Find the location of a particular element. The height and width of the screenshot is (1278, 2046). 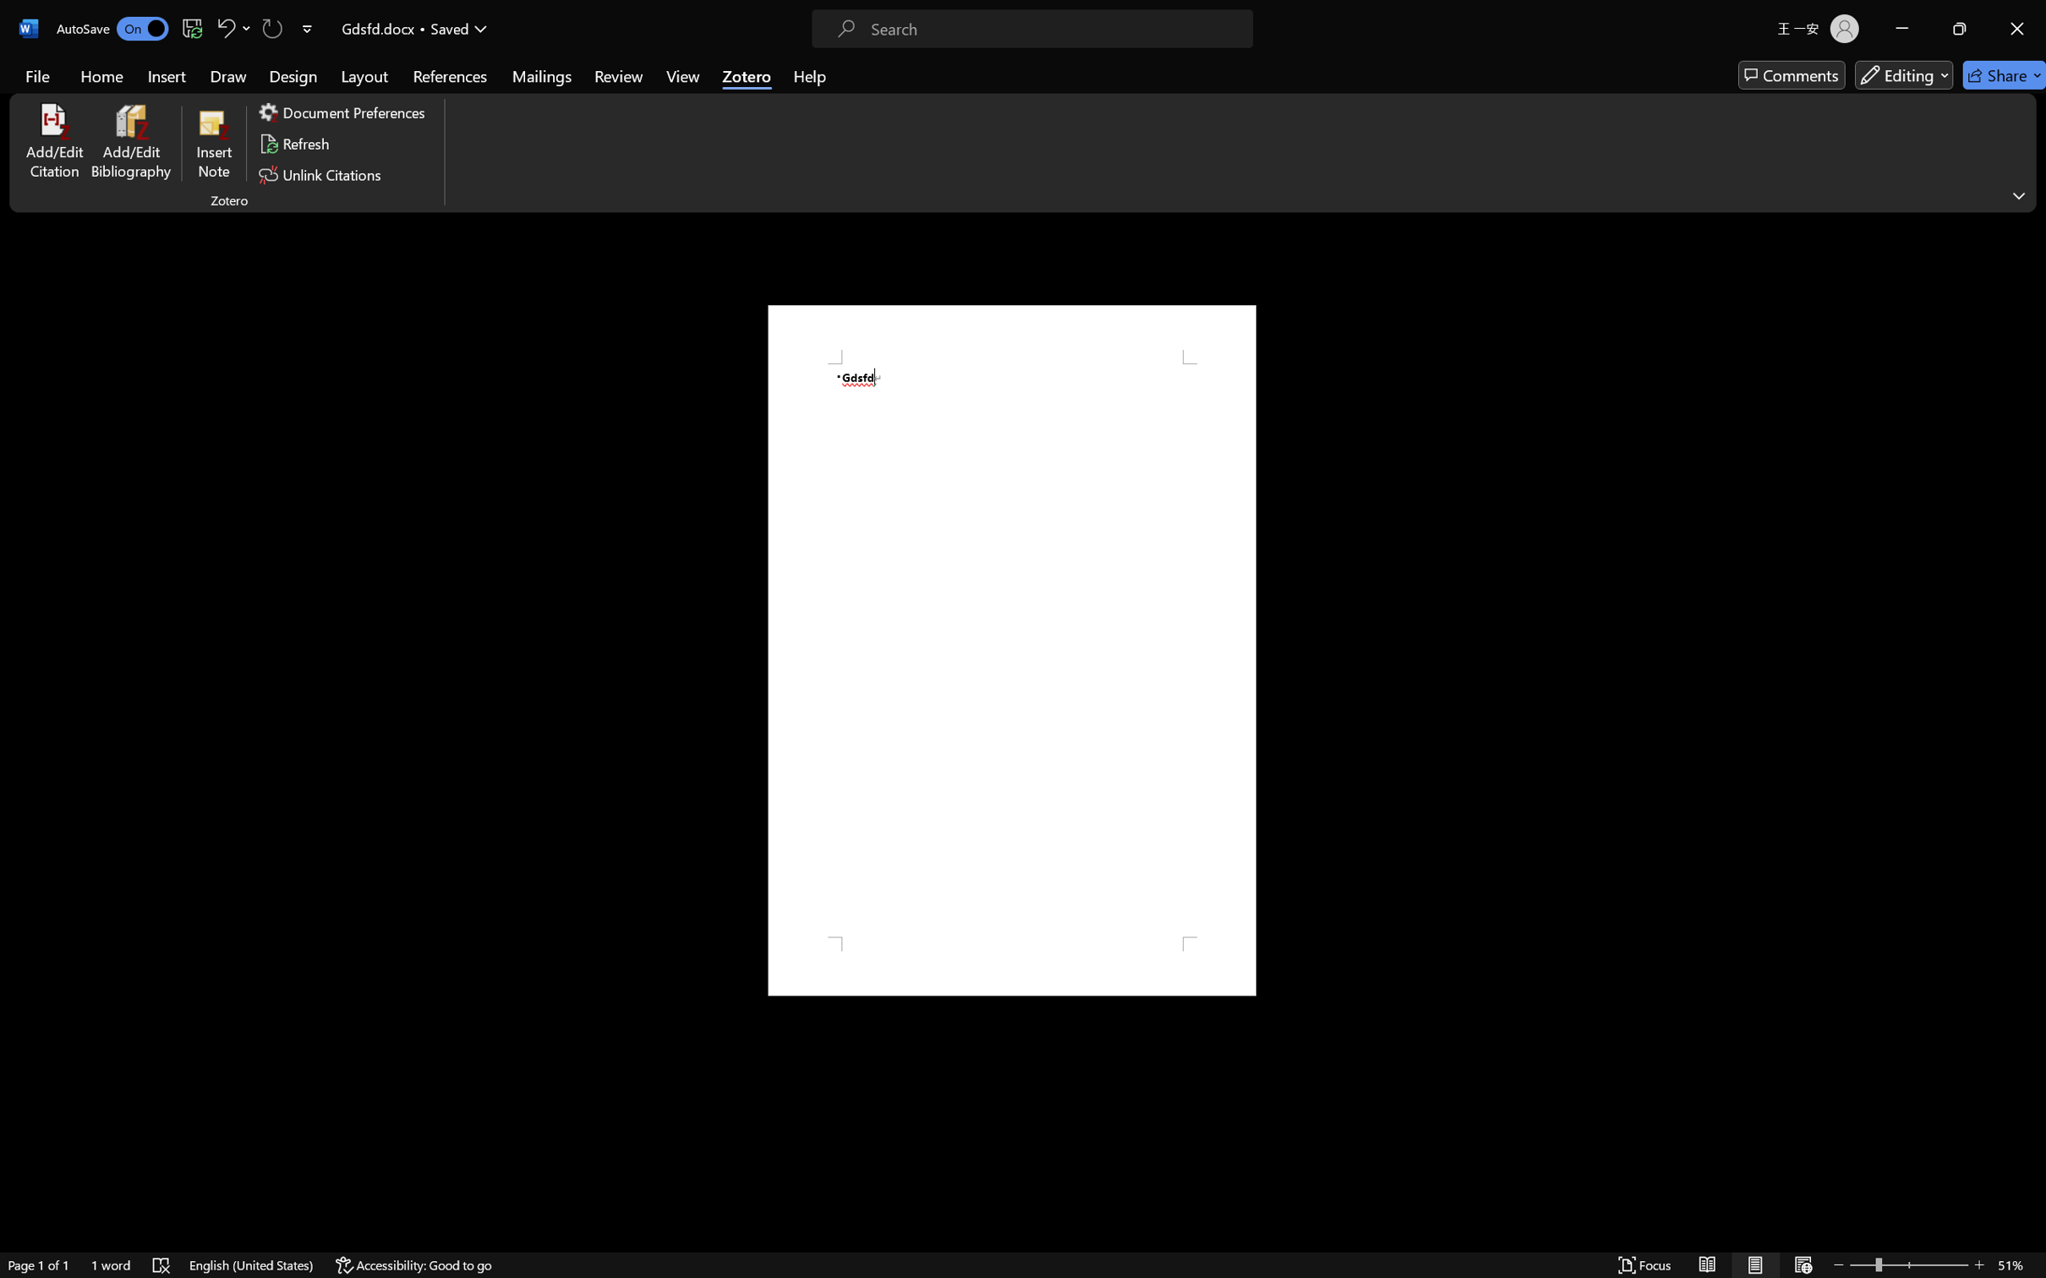

'Page 1 content' is located at coordinates (1011, 650).